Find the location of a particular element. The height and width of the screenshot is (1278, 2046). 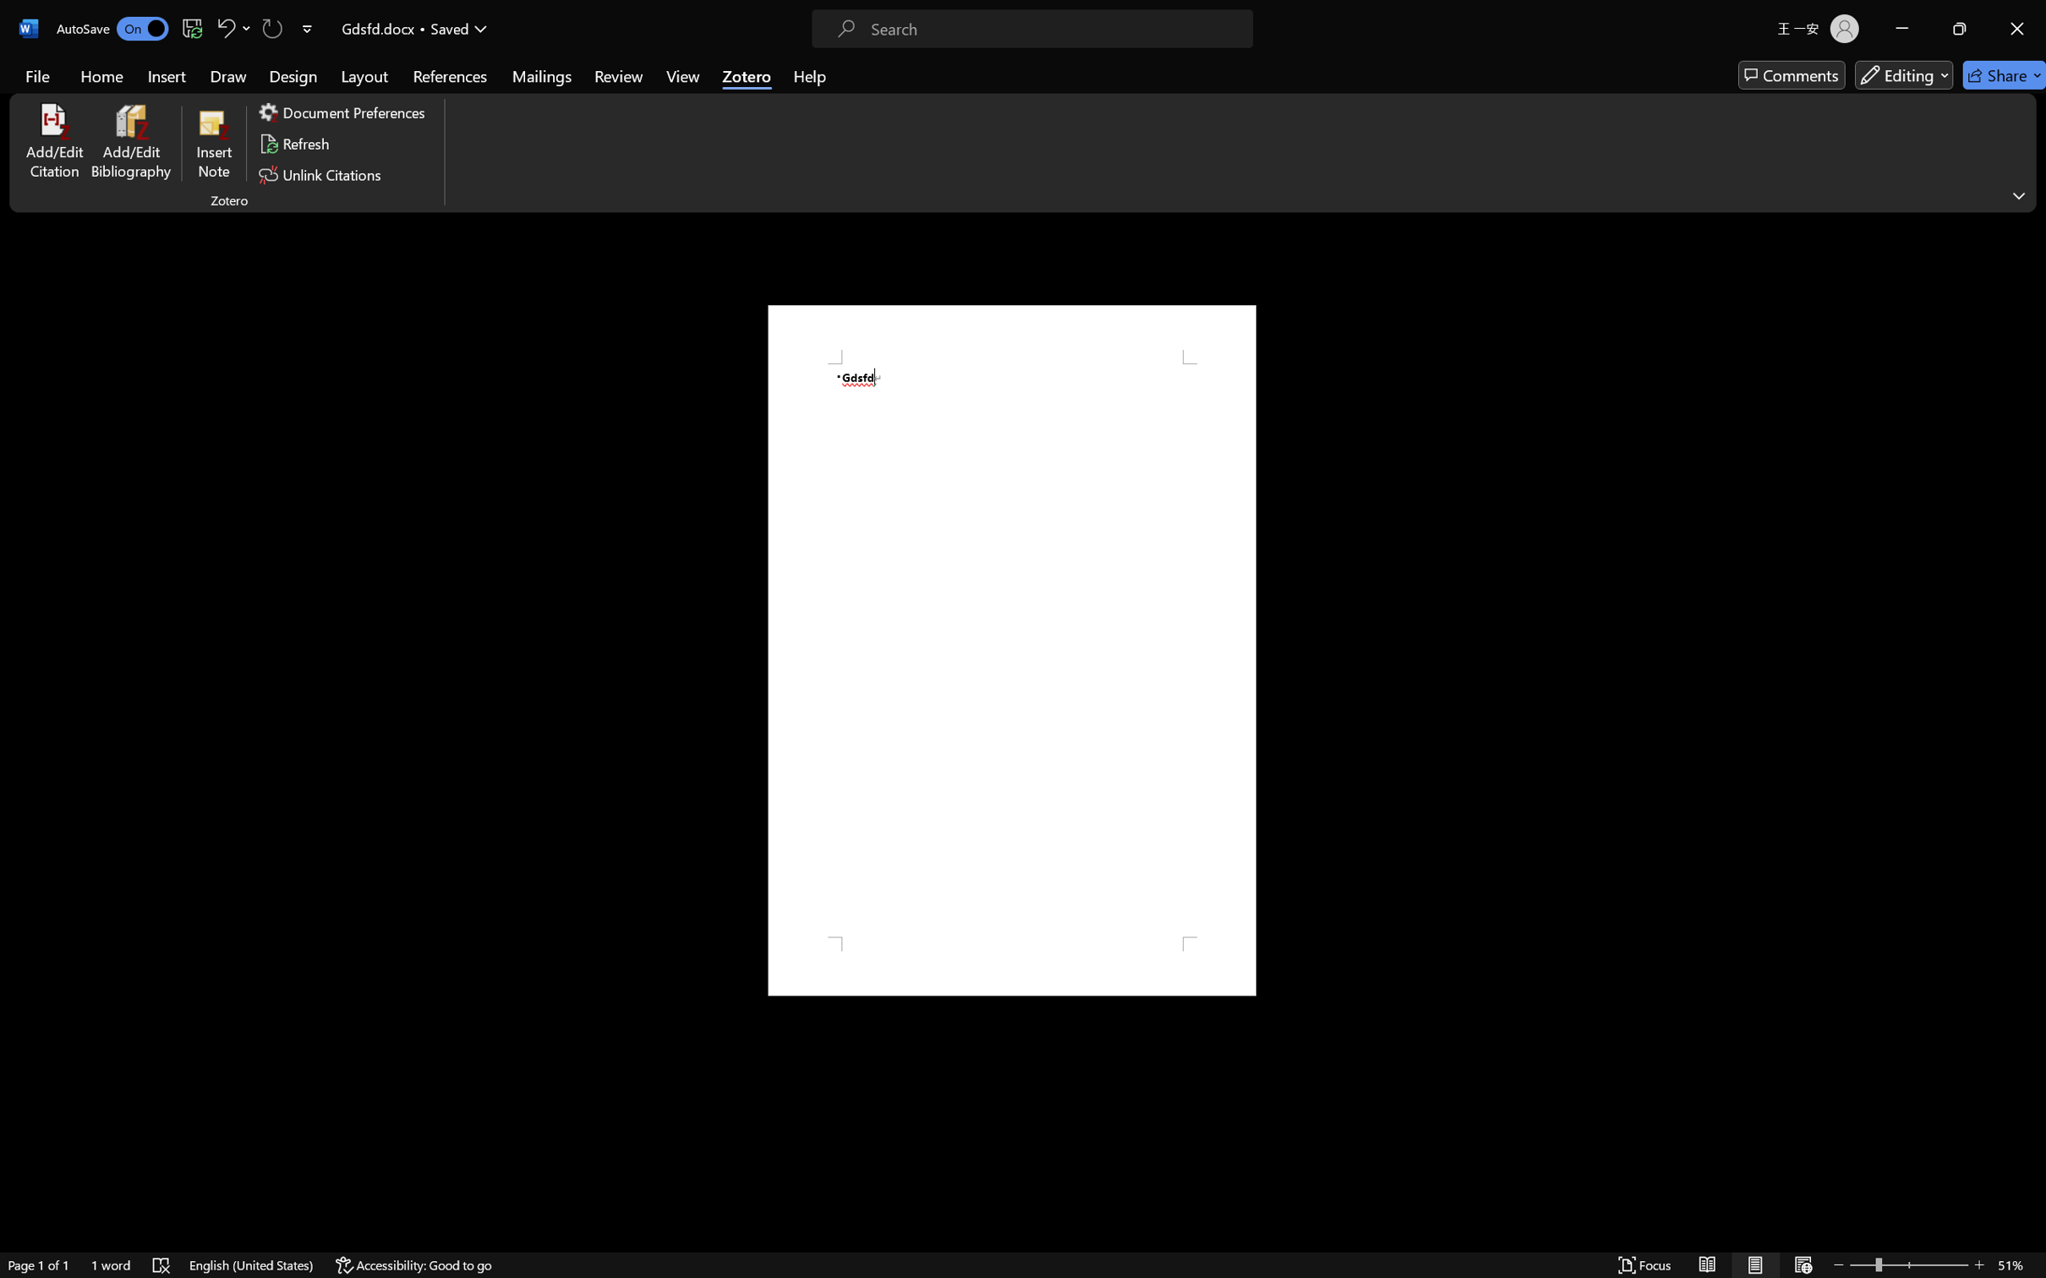

'Page 1 content' is located at coordinates (1011, 650).